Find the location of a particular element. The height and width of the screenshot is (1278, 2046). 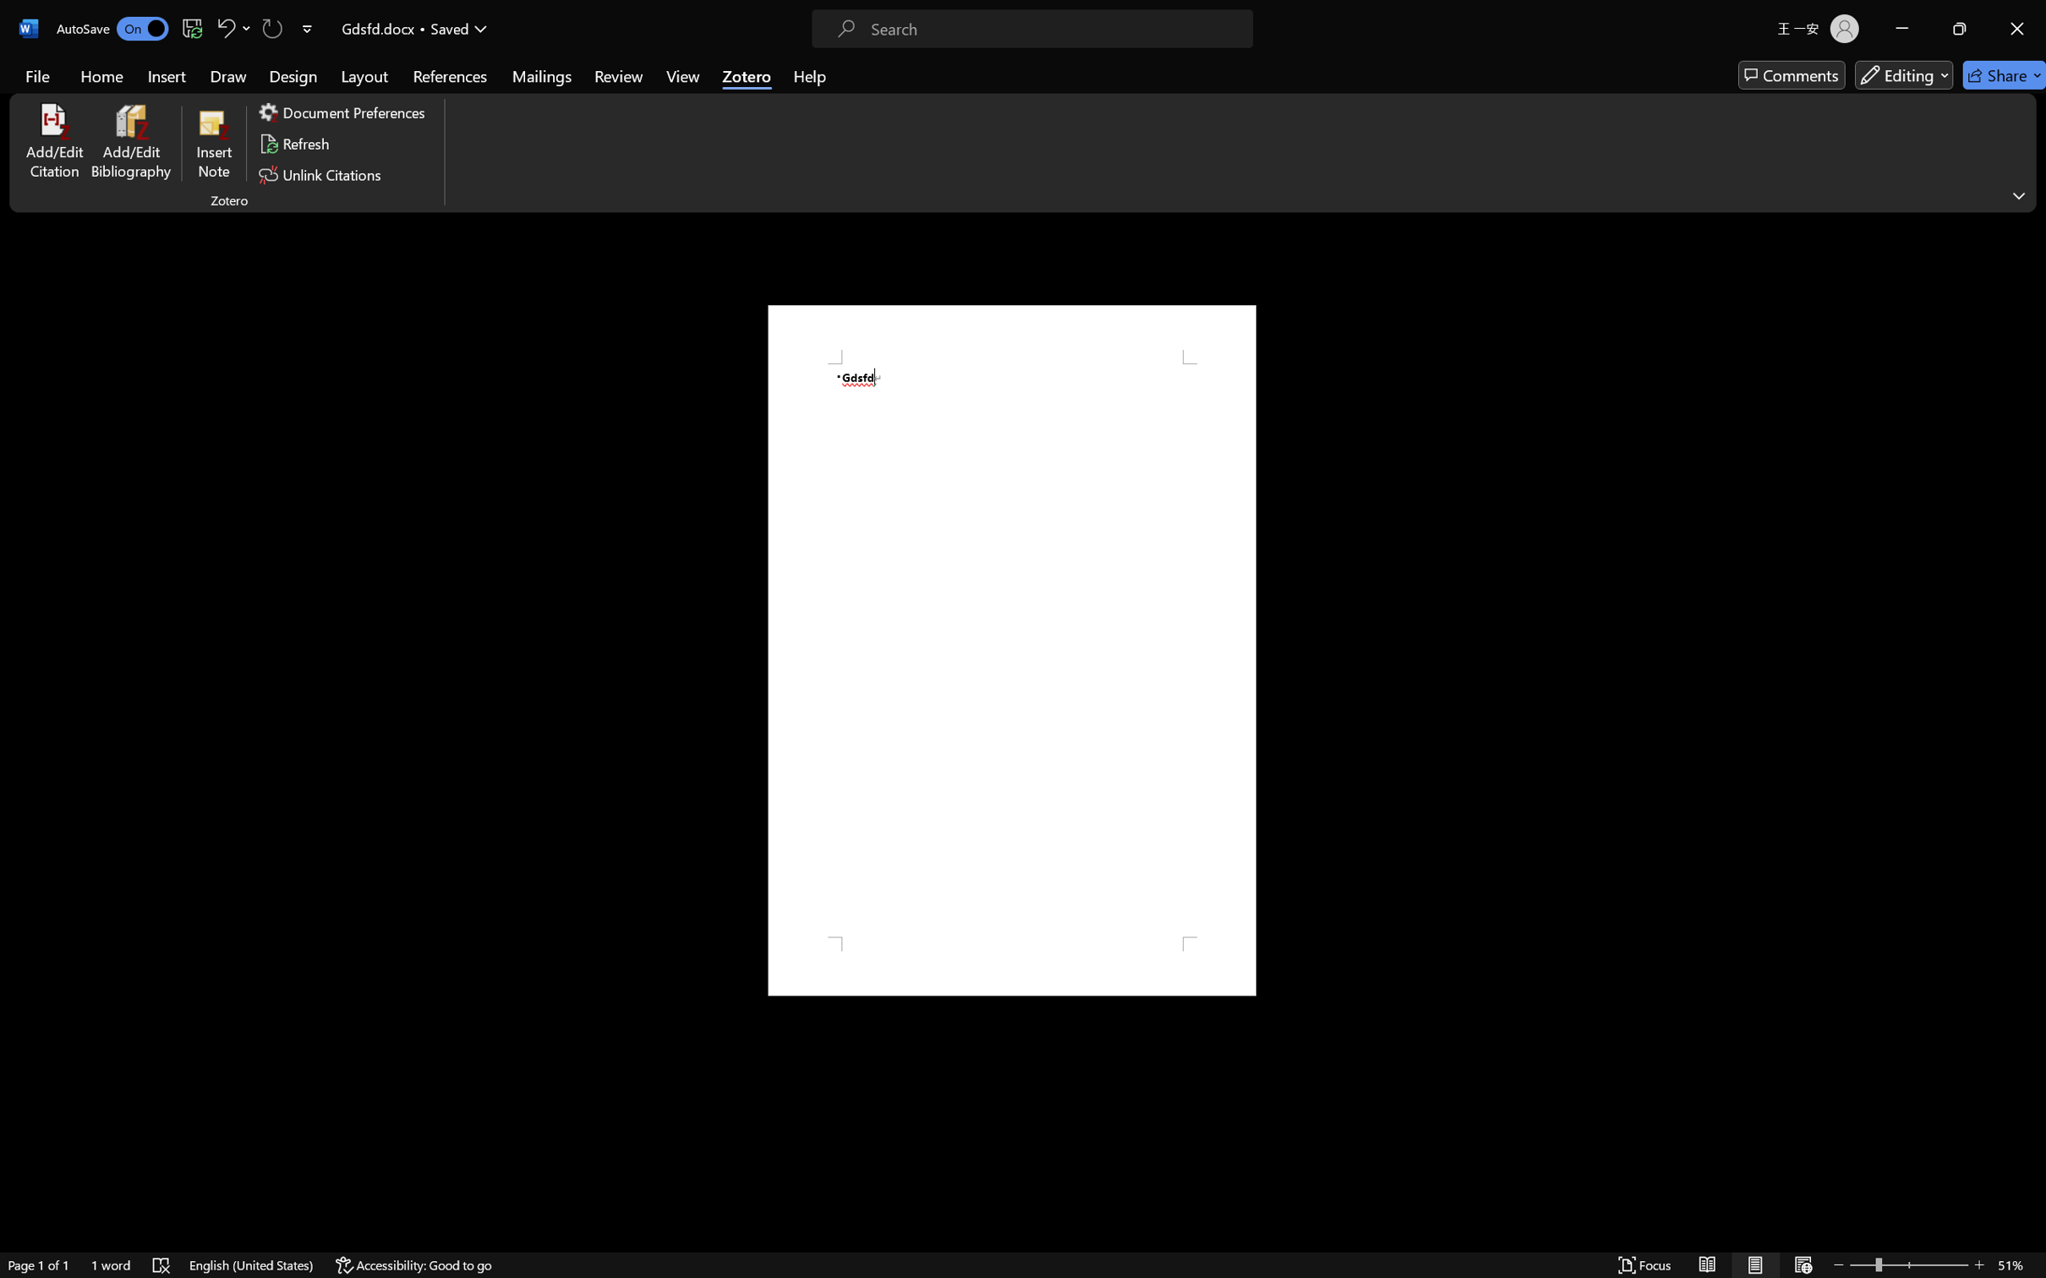

'Page 1 content' is located at coordinates (1011, 650).